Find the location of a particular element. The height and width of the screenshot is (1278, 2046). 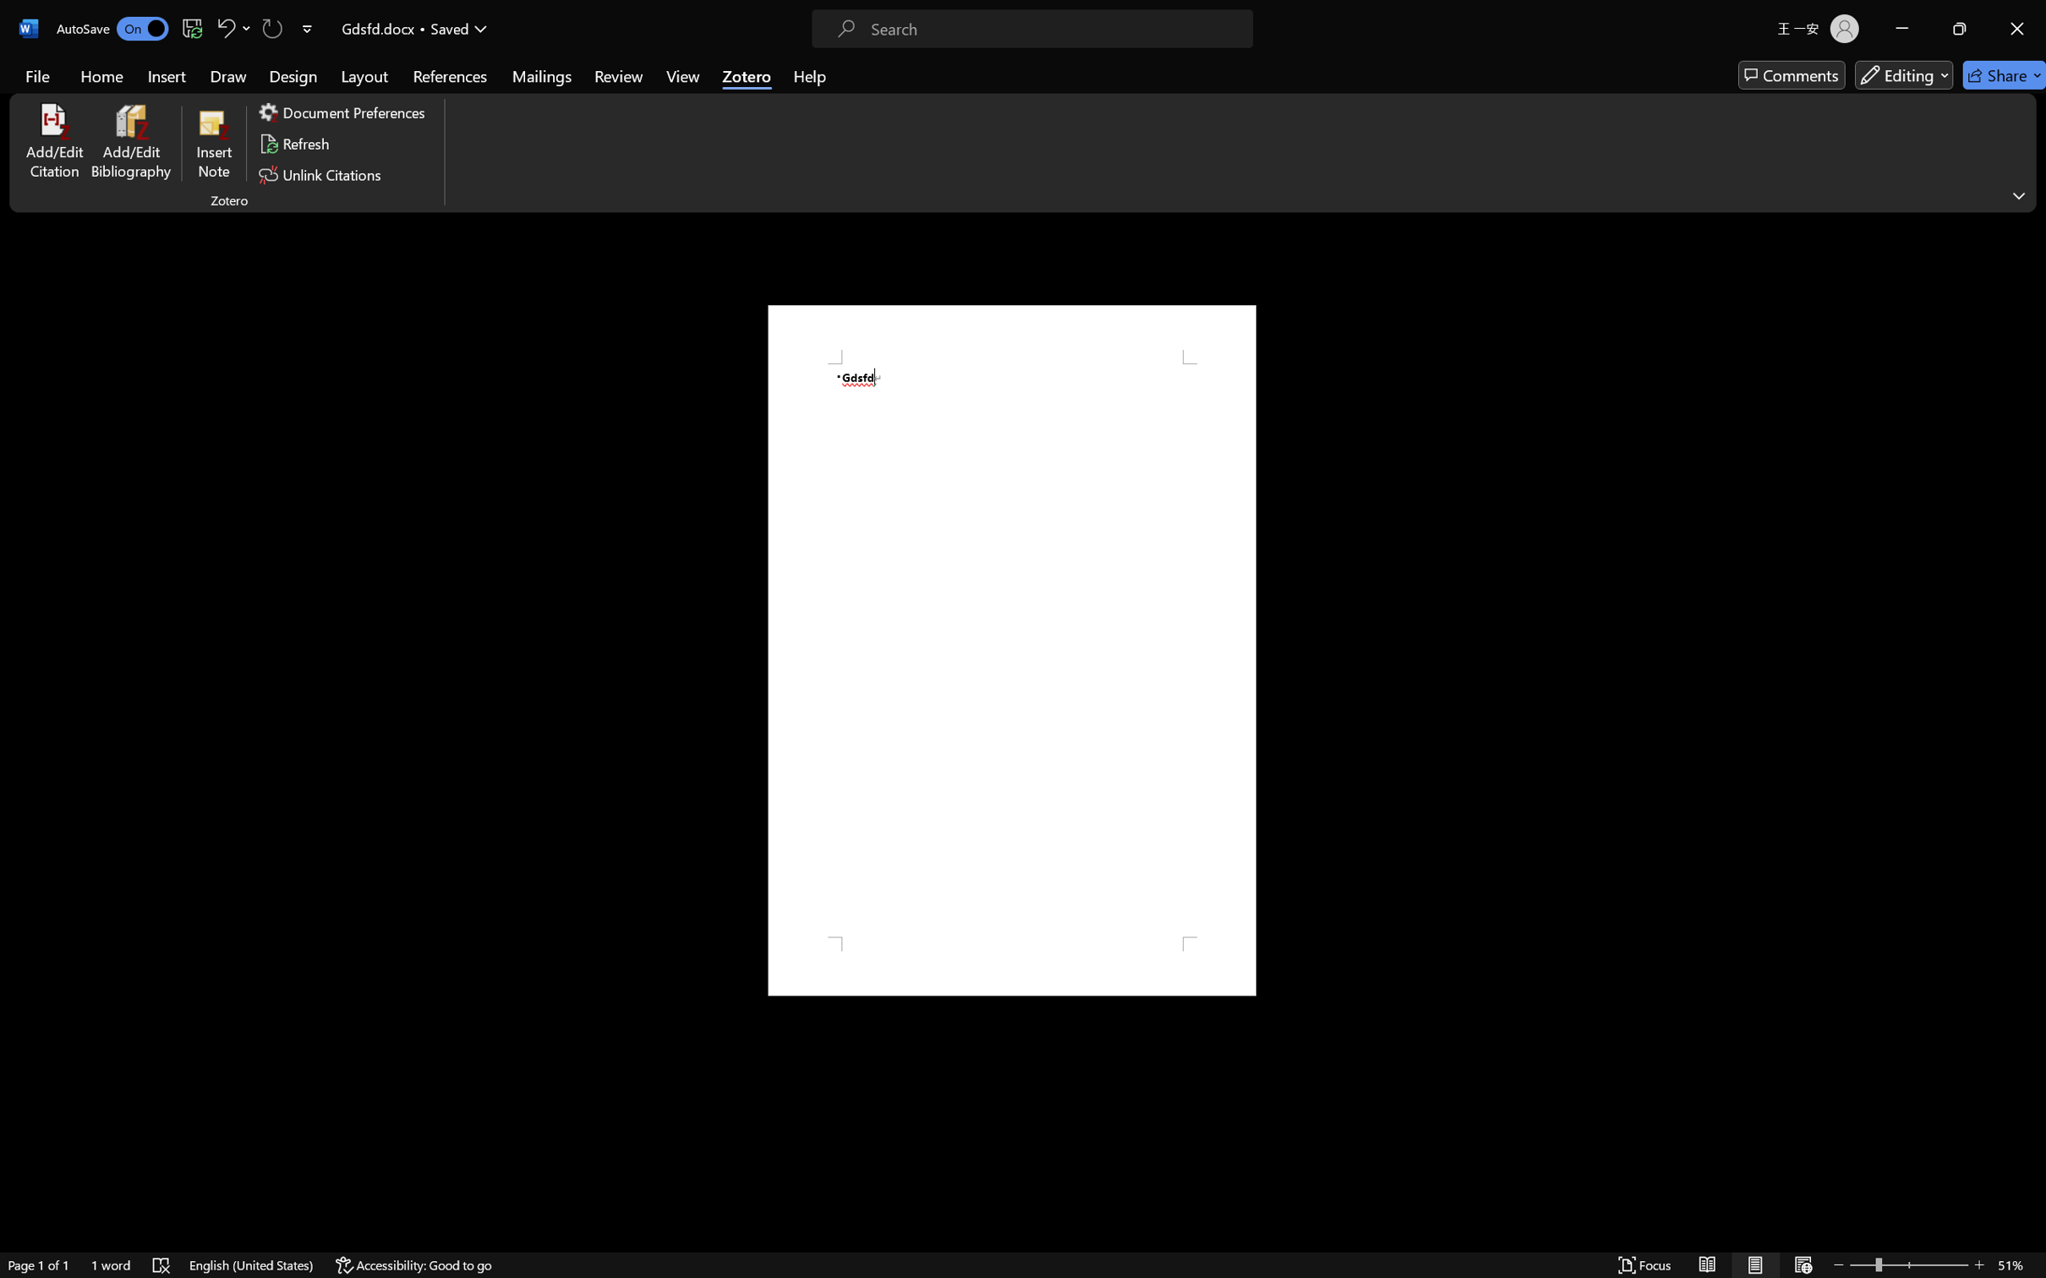

'Page 1 content' is located at coordinates (1011, 650).